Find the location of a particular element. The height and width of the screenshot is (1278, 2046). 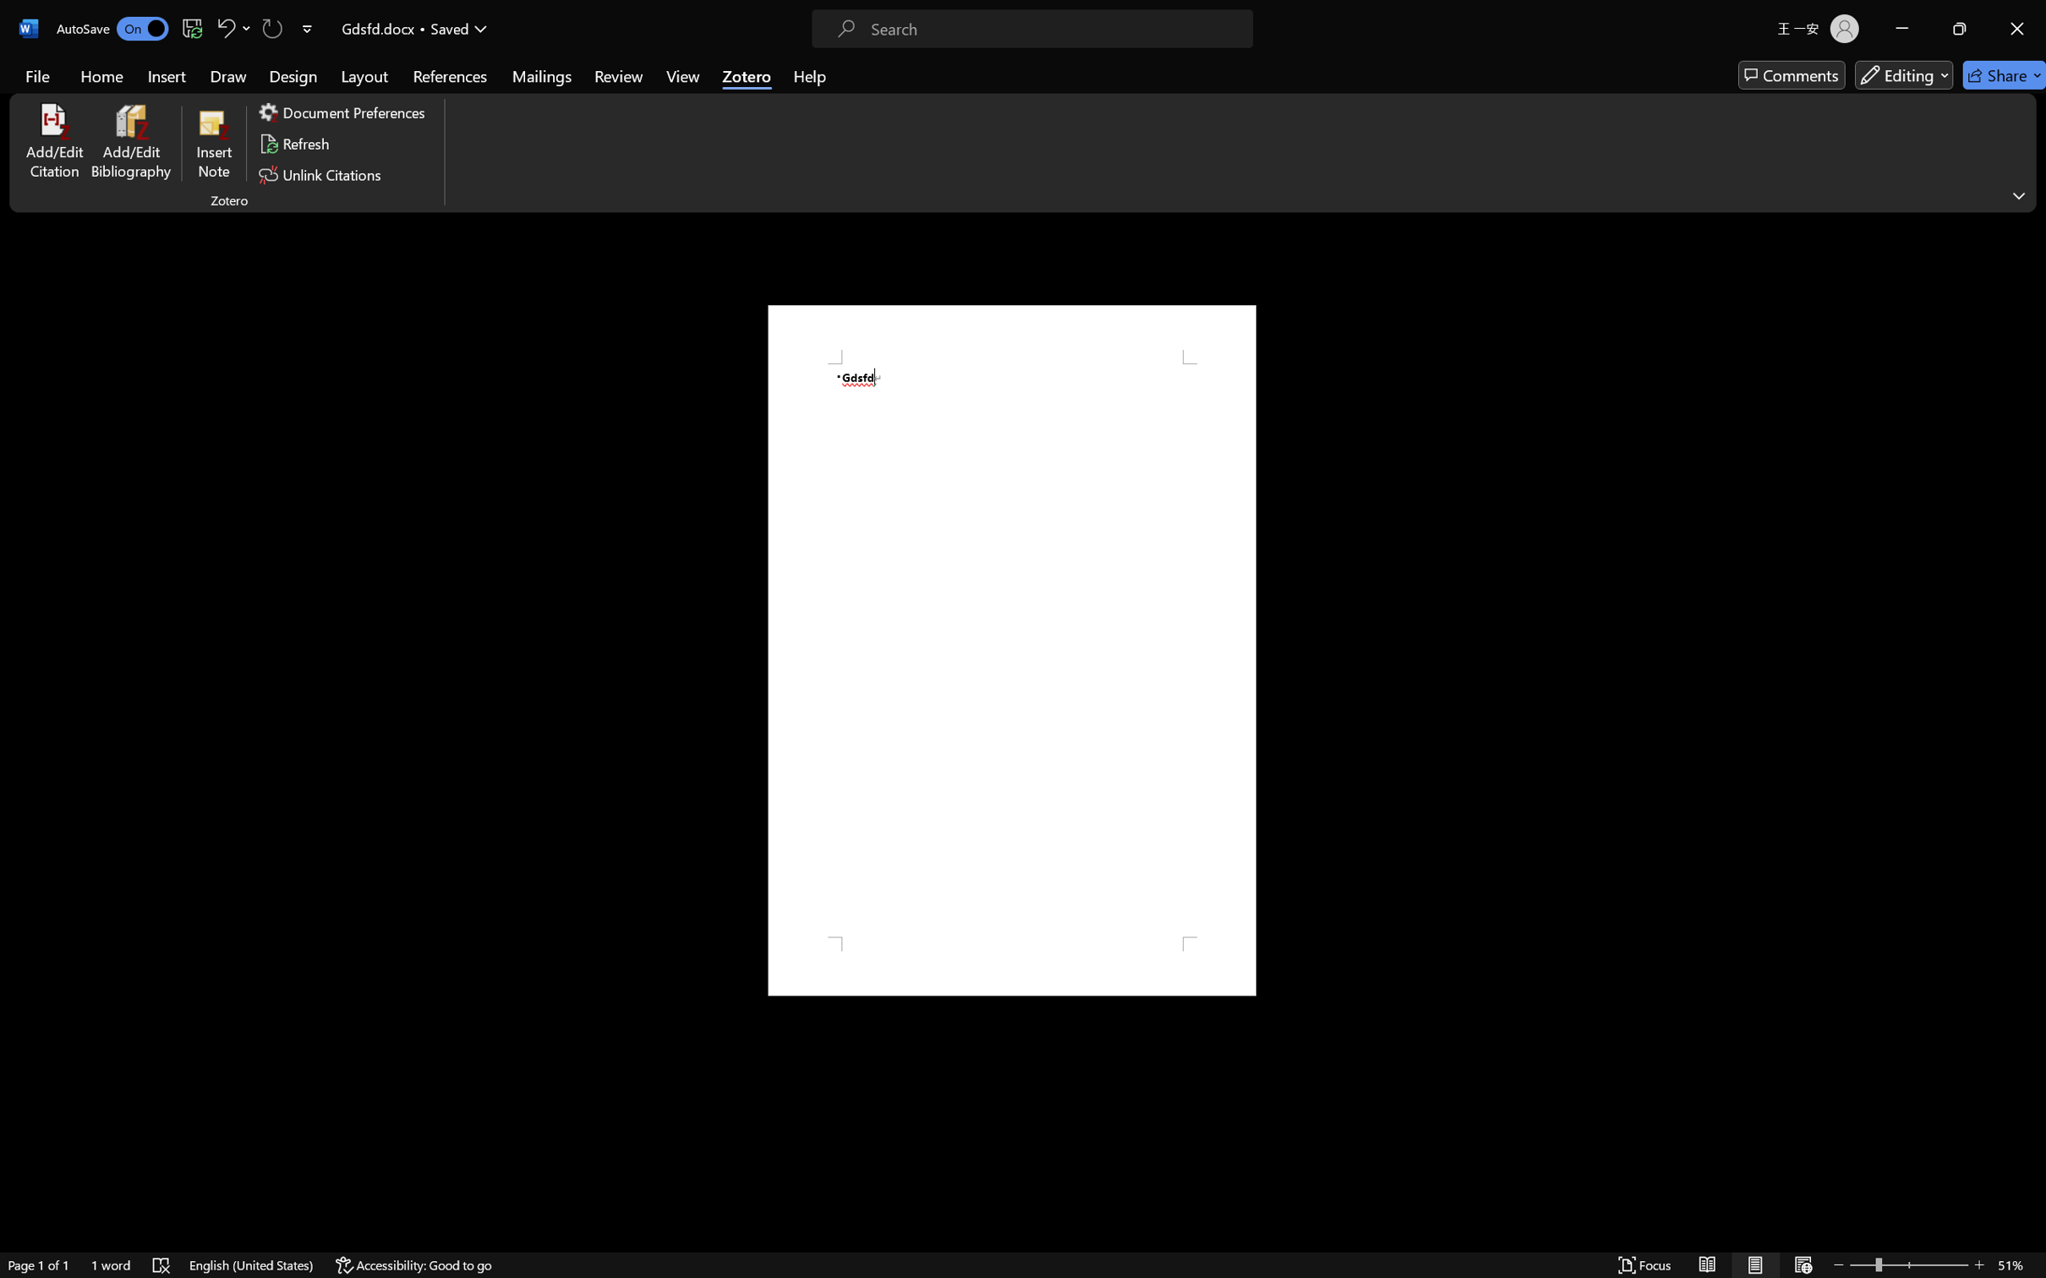

'Page 1 content' is located at coordinates (1011, 650).